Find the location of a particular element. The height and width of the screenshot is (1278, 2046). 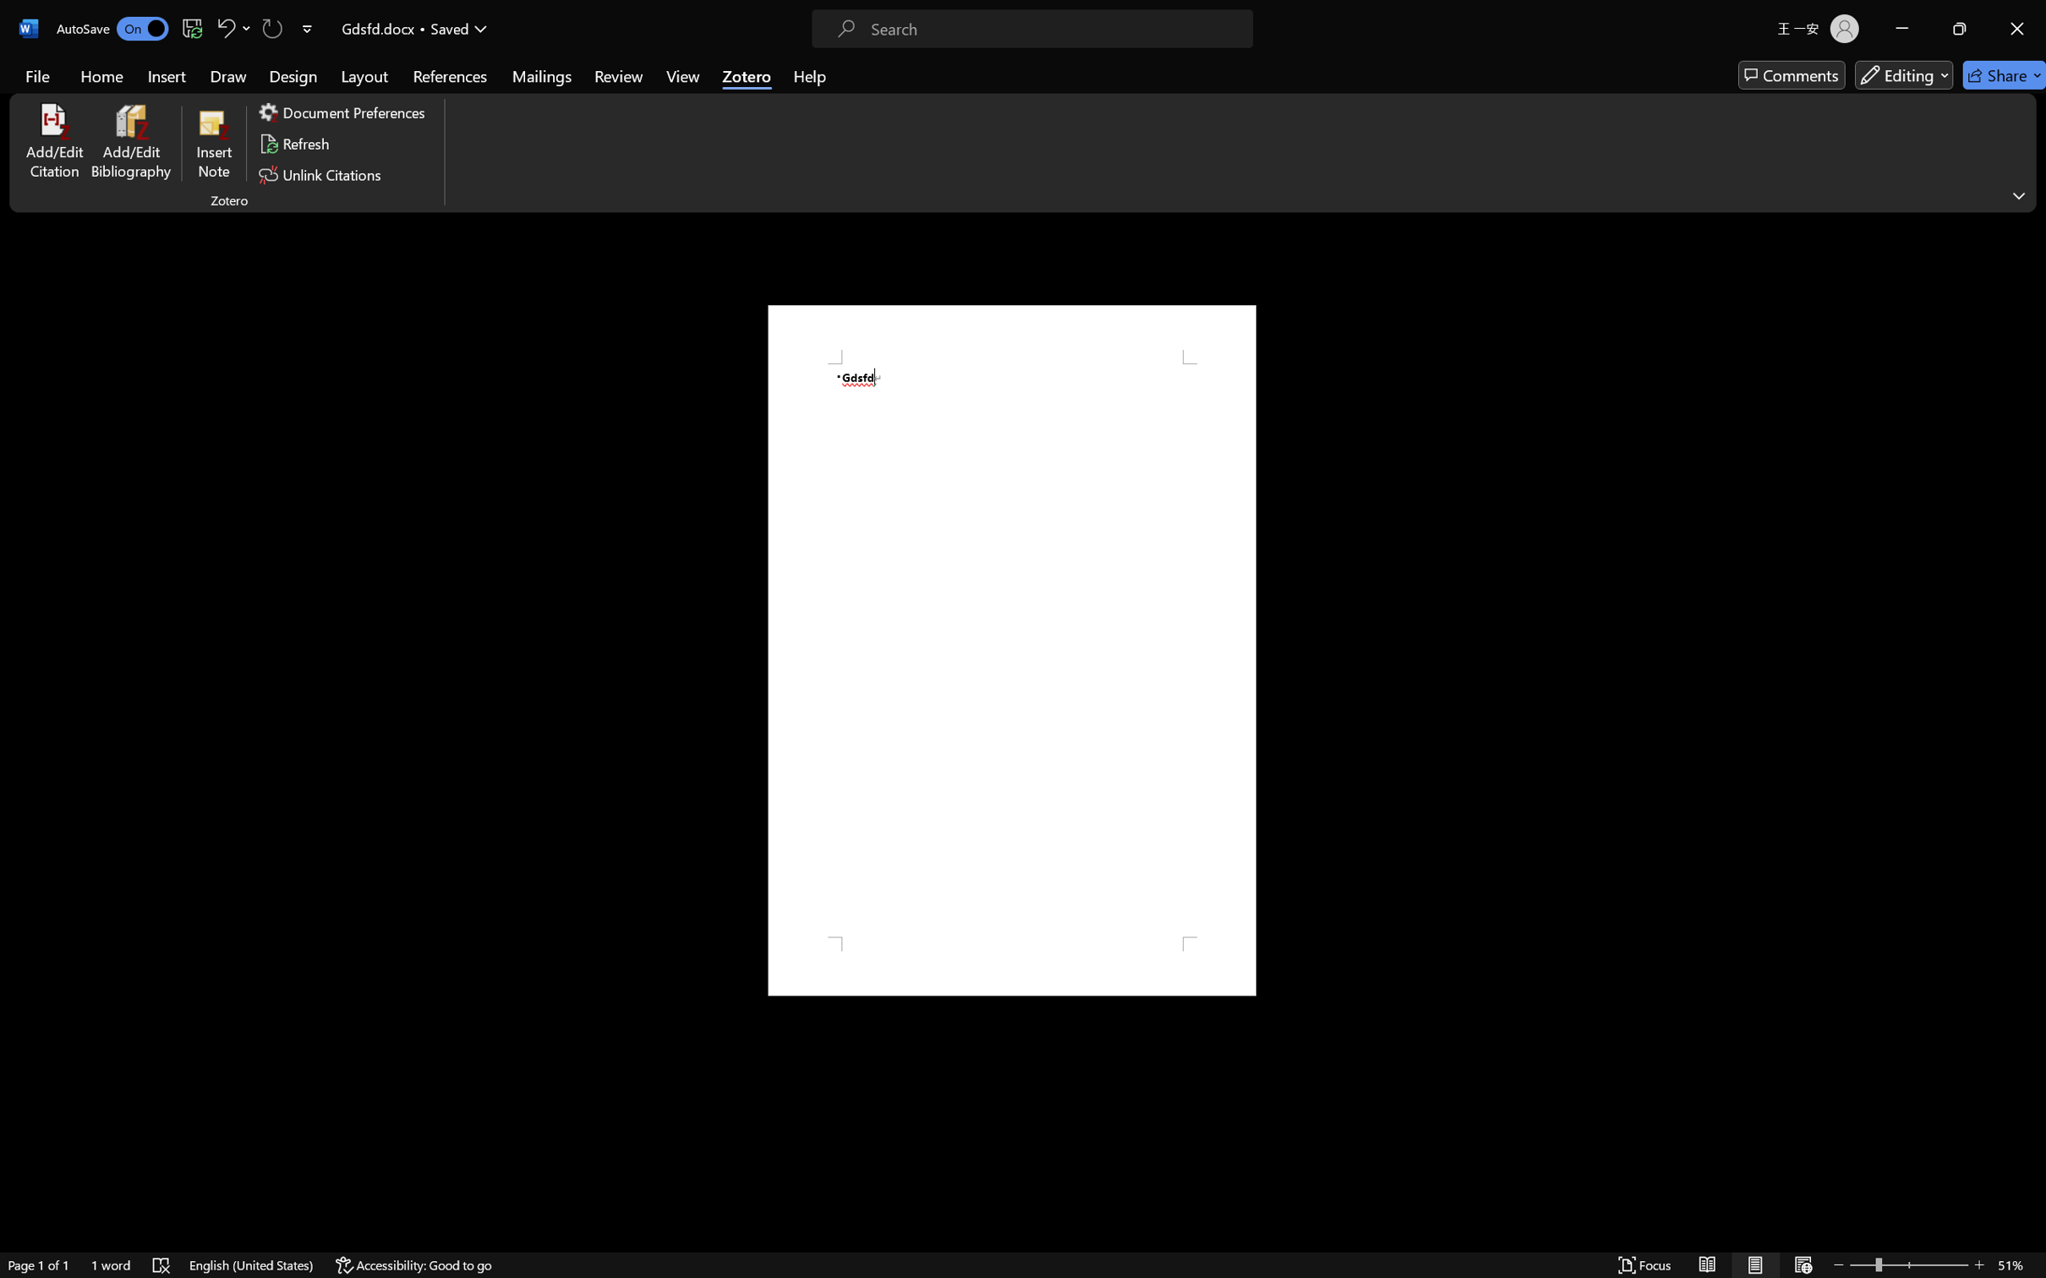

'Page 1 content' is located at coordinates (1011, 650).